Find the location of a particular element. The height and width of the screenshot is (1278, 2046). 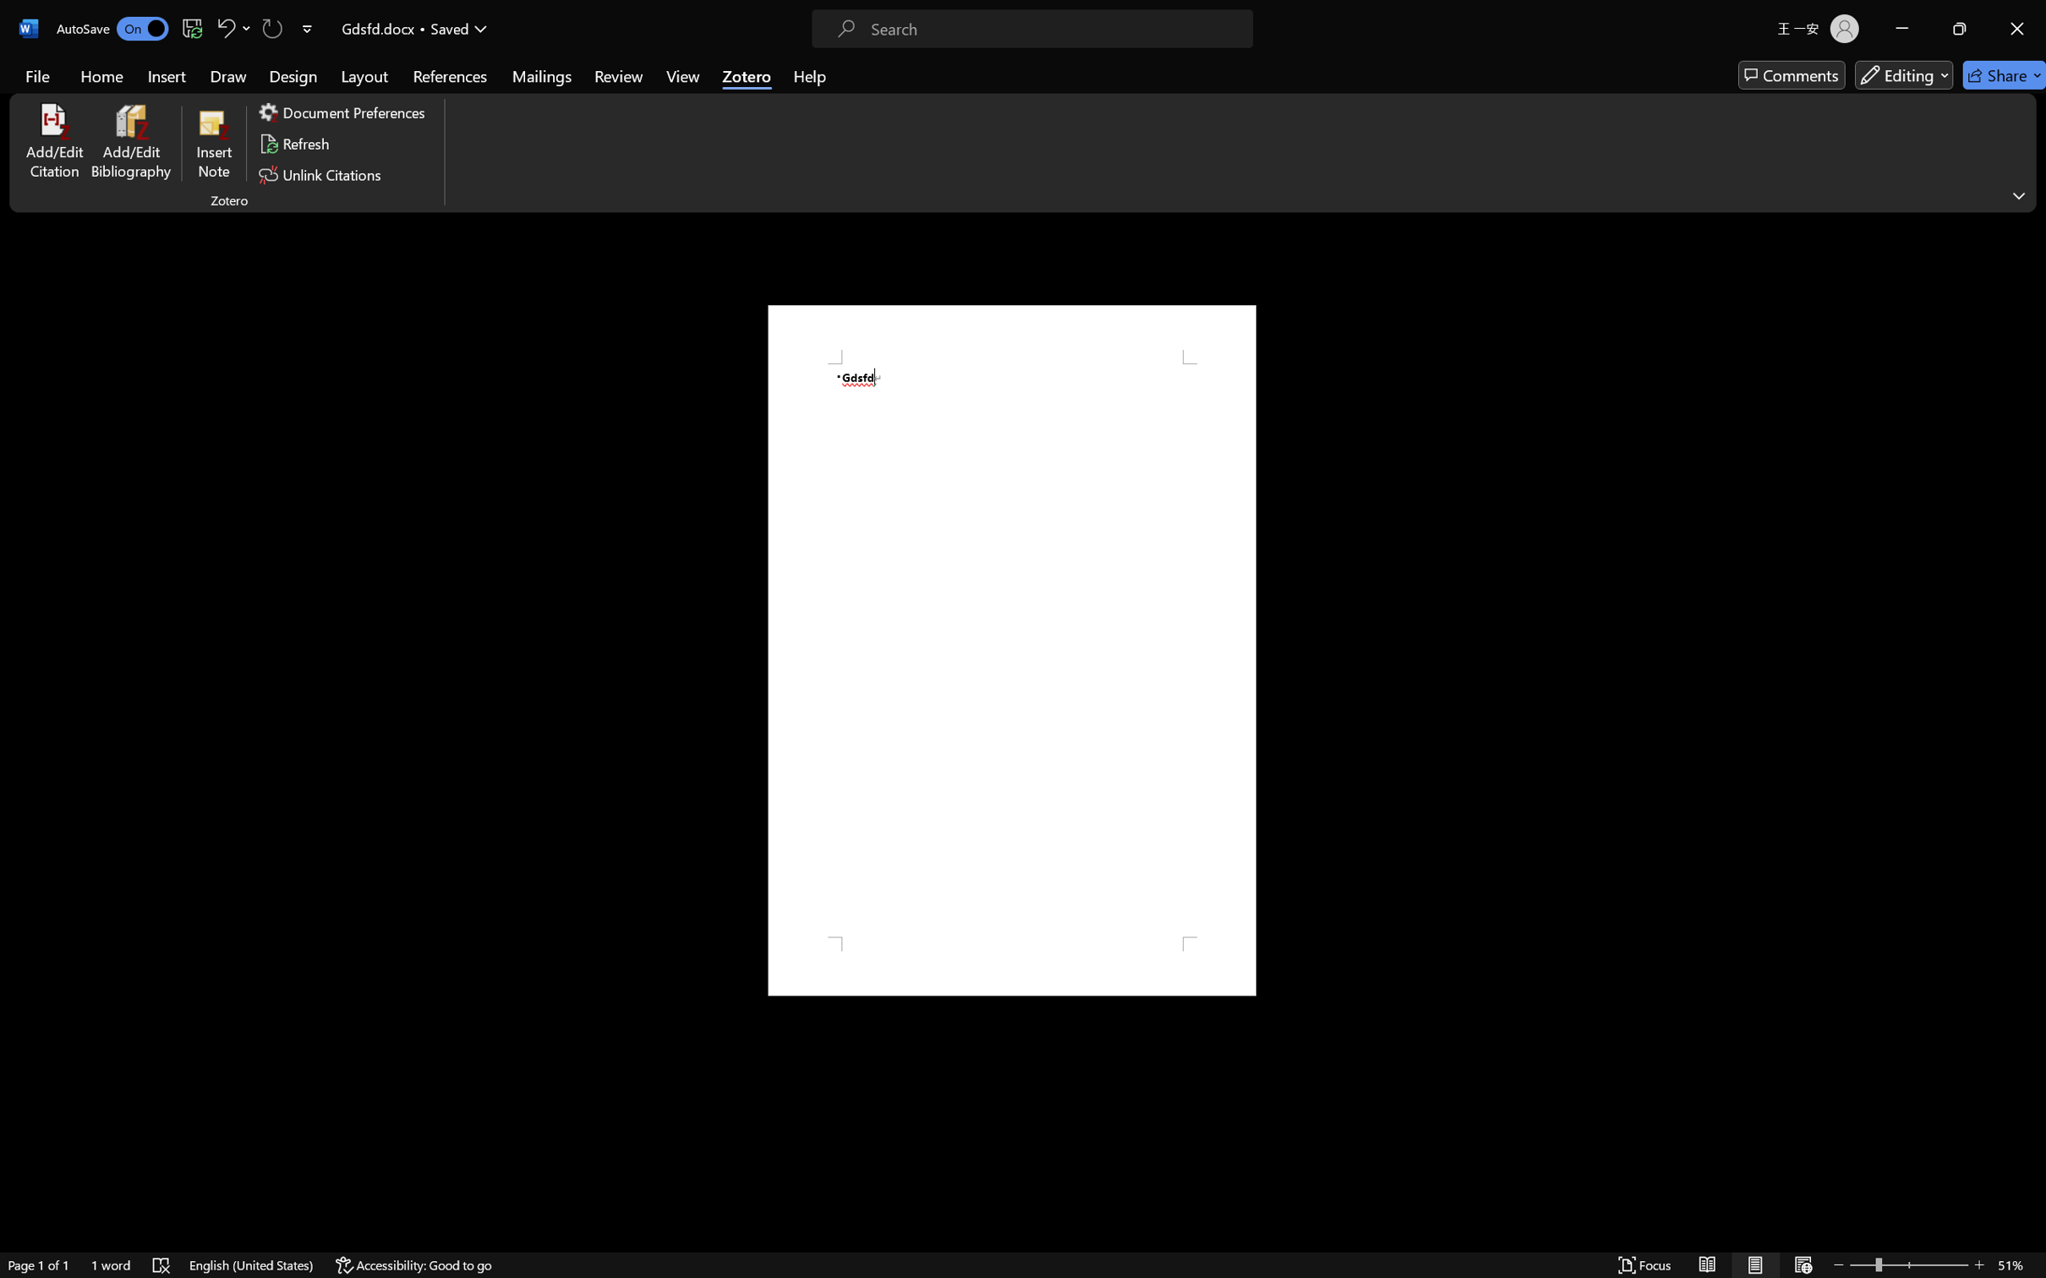

'Page 1 content' is located at coordinates (1011, 650).